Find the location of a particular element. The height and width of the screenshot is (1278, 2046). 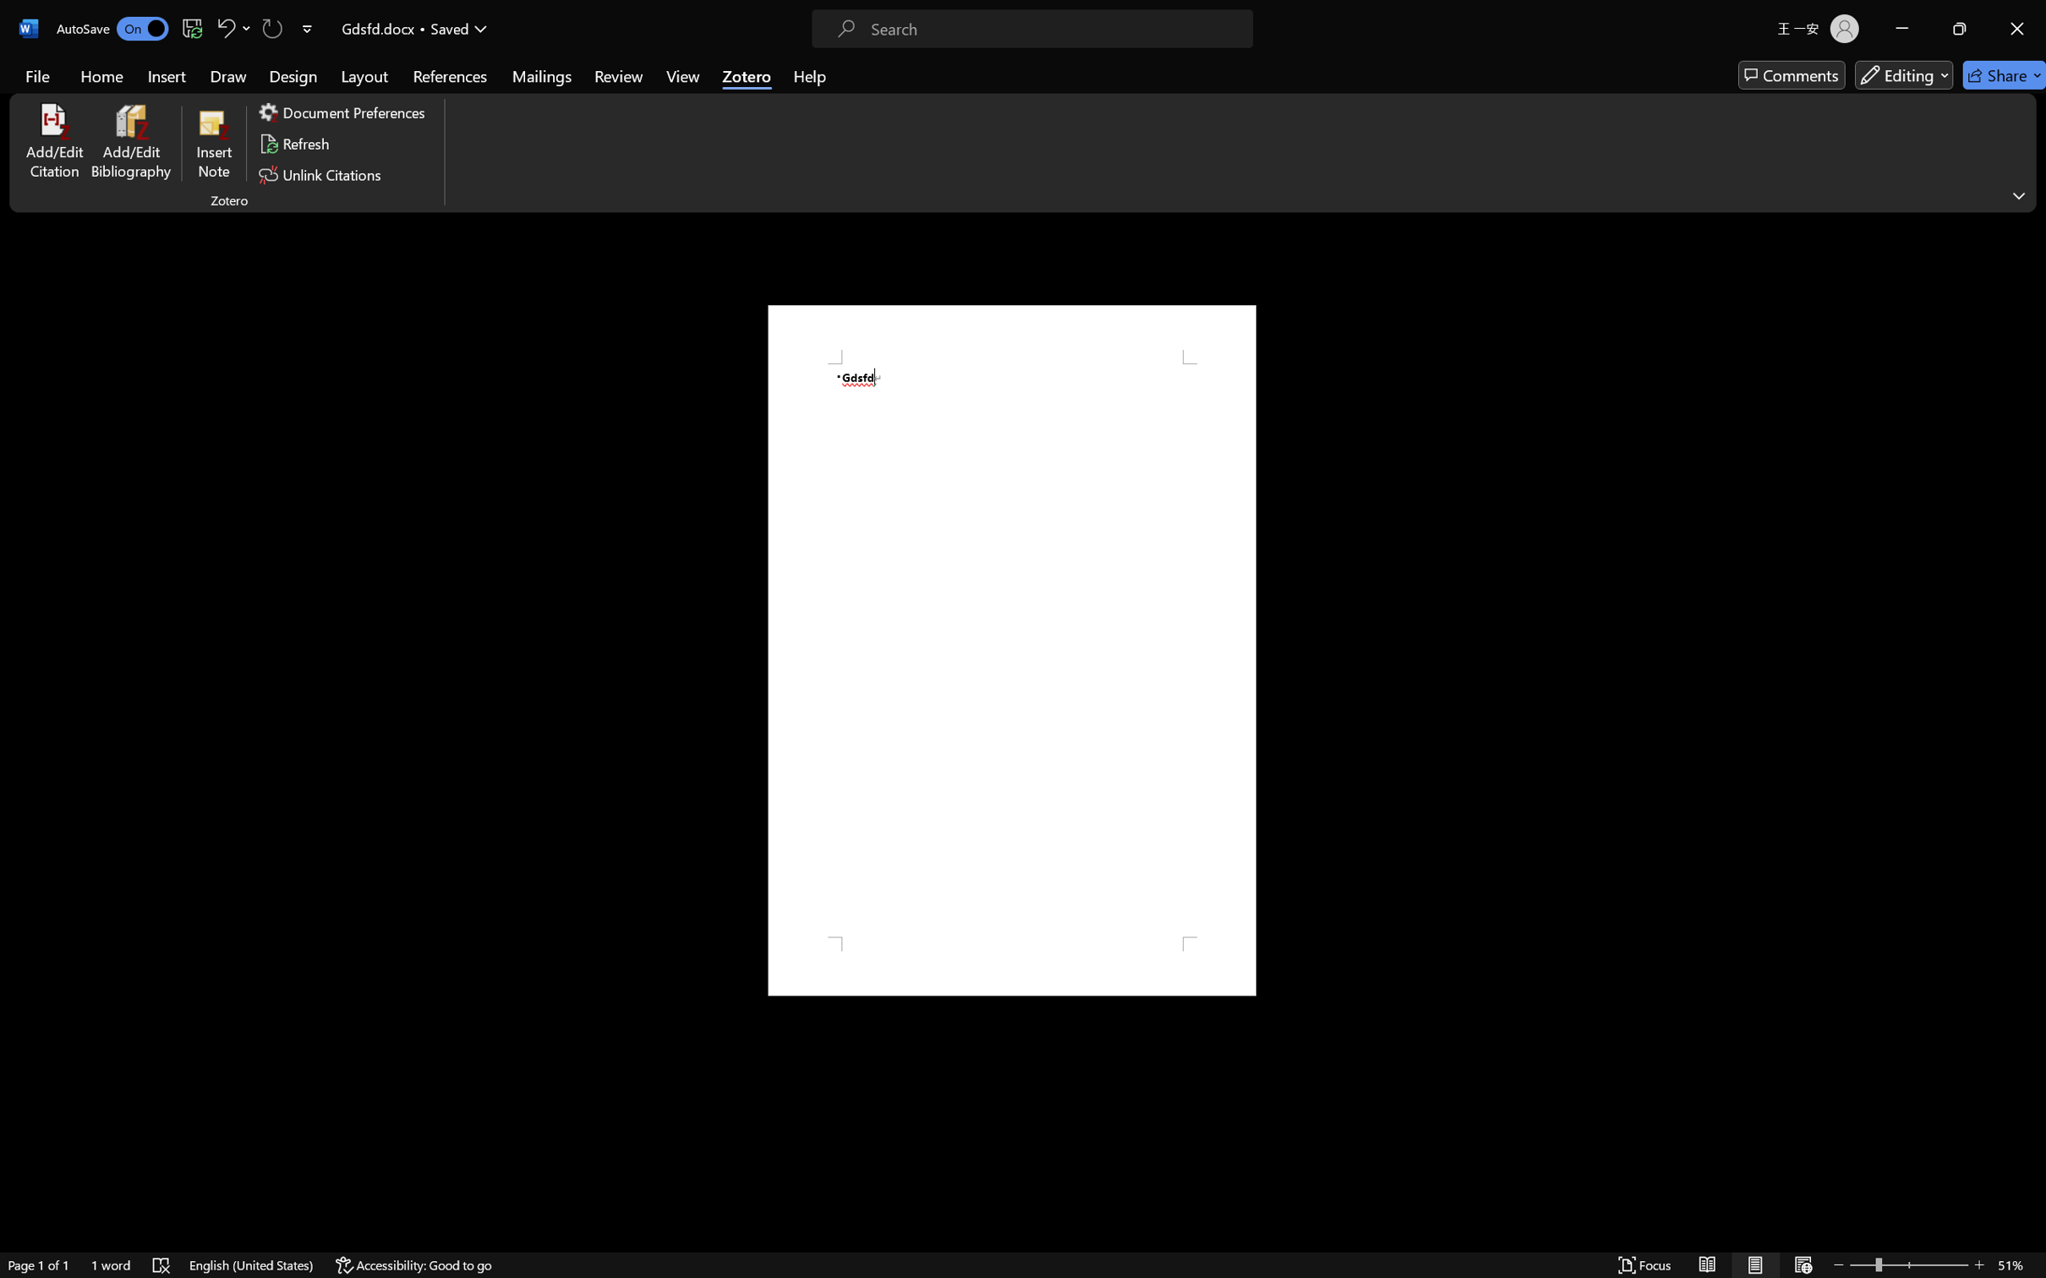

'Page 1 content' is located at coordinates (1011, 650).